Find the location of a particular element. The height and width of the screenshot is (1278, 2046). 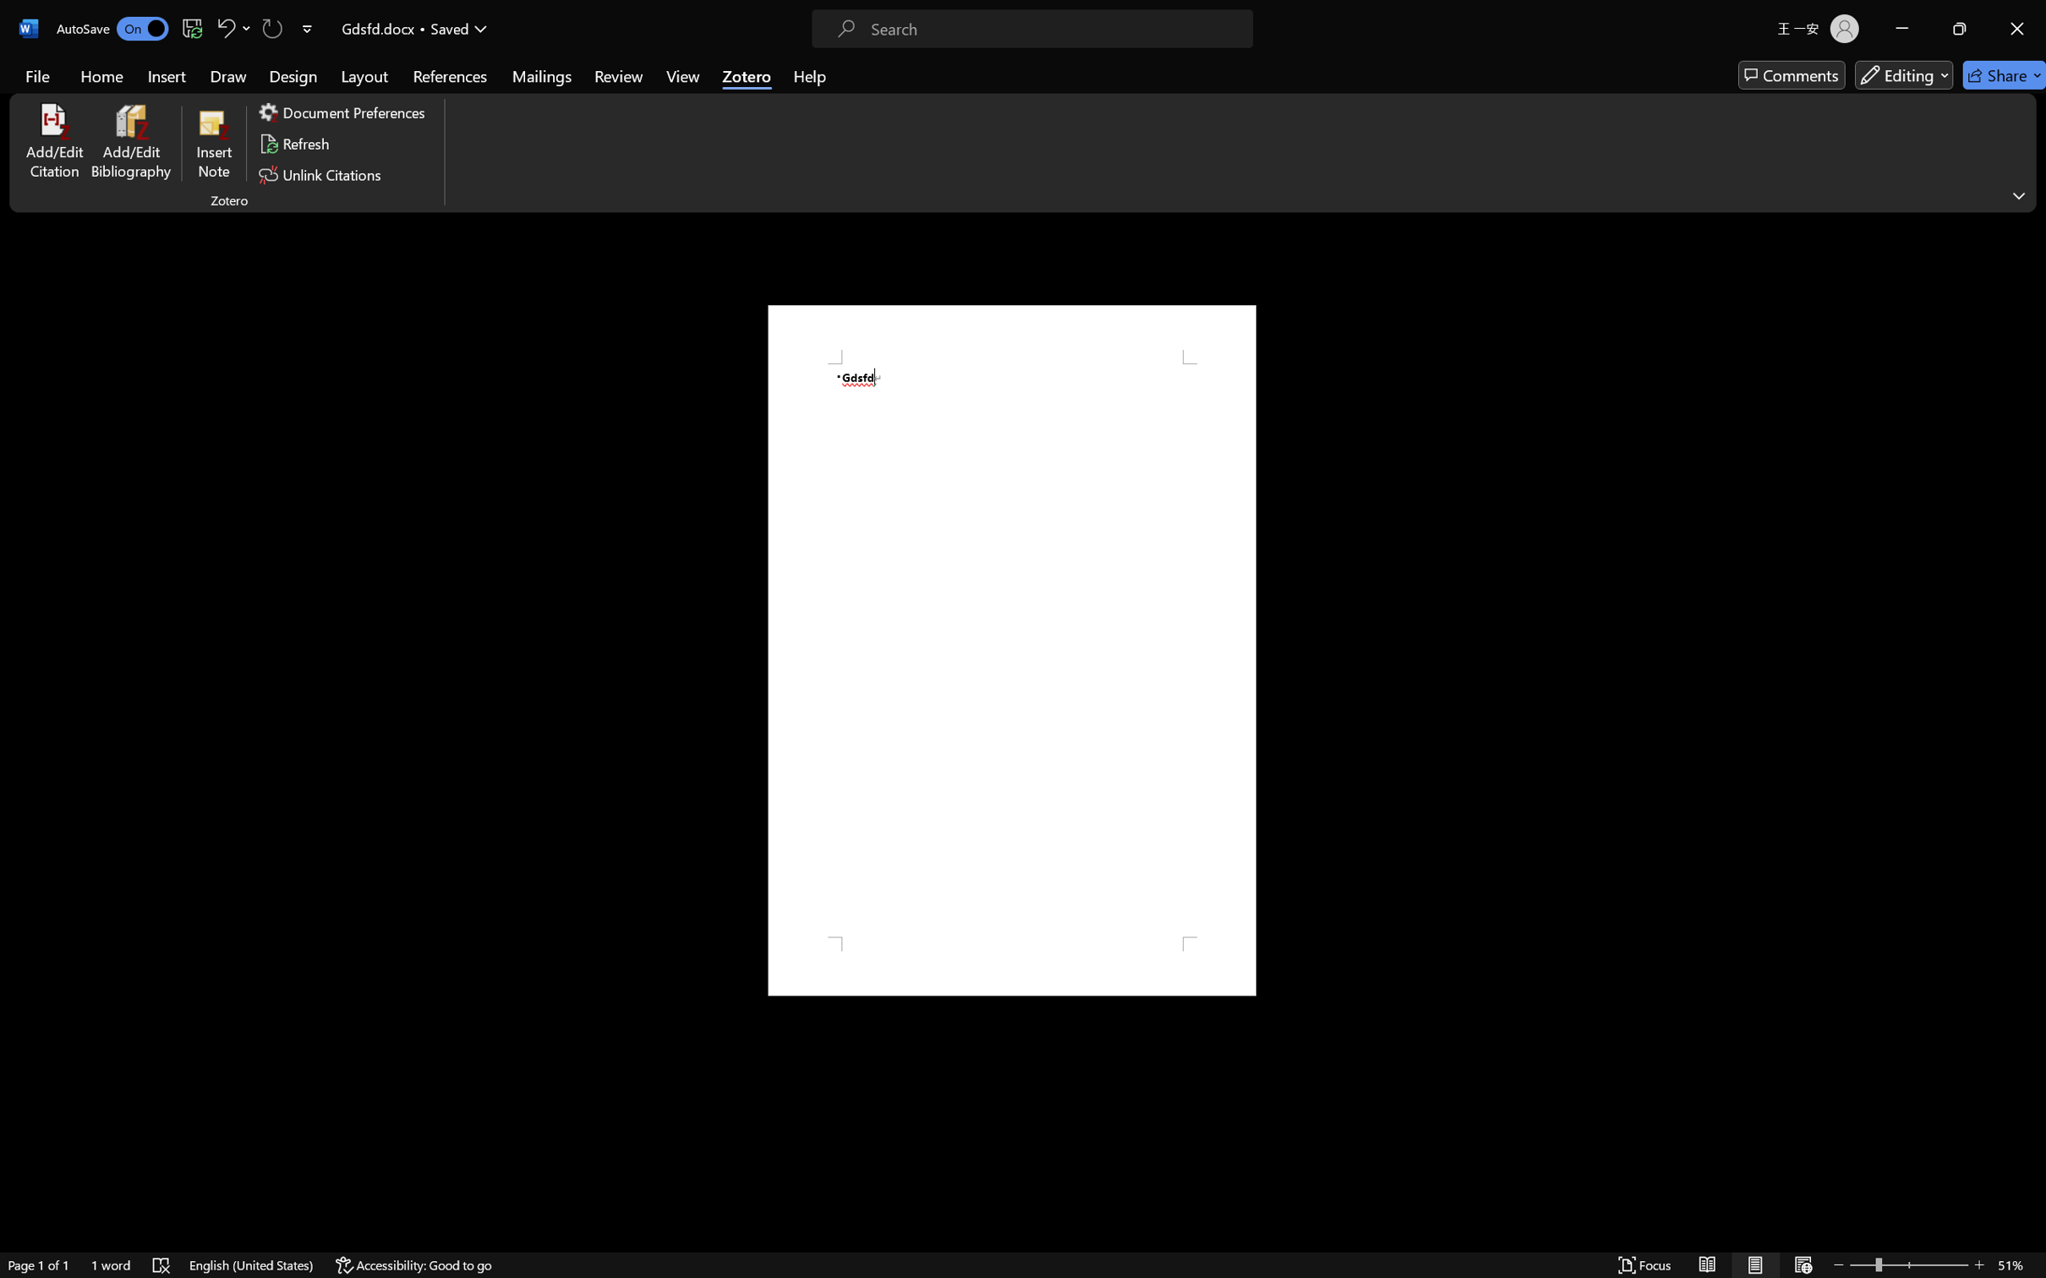

'Page 1 content' is located at coordinates (1011, 650).